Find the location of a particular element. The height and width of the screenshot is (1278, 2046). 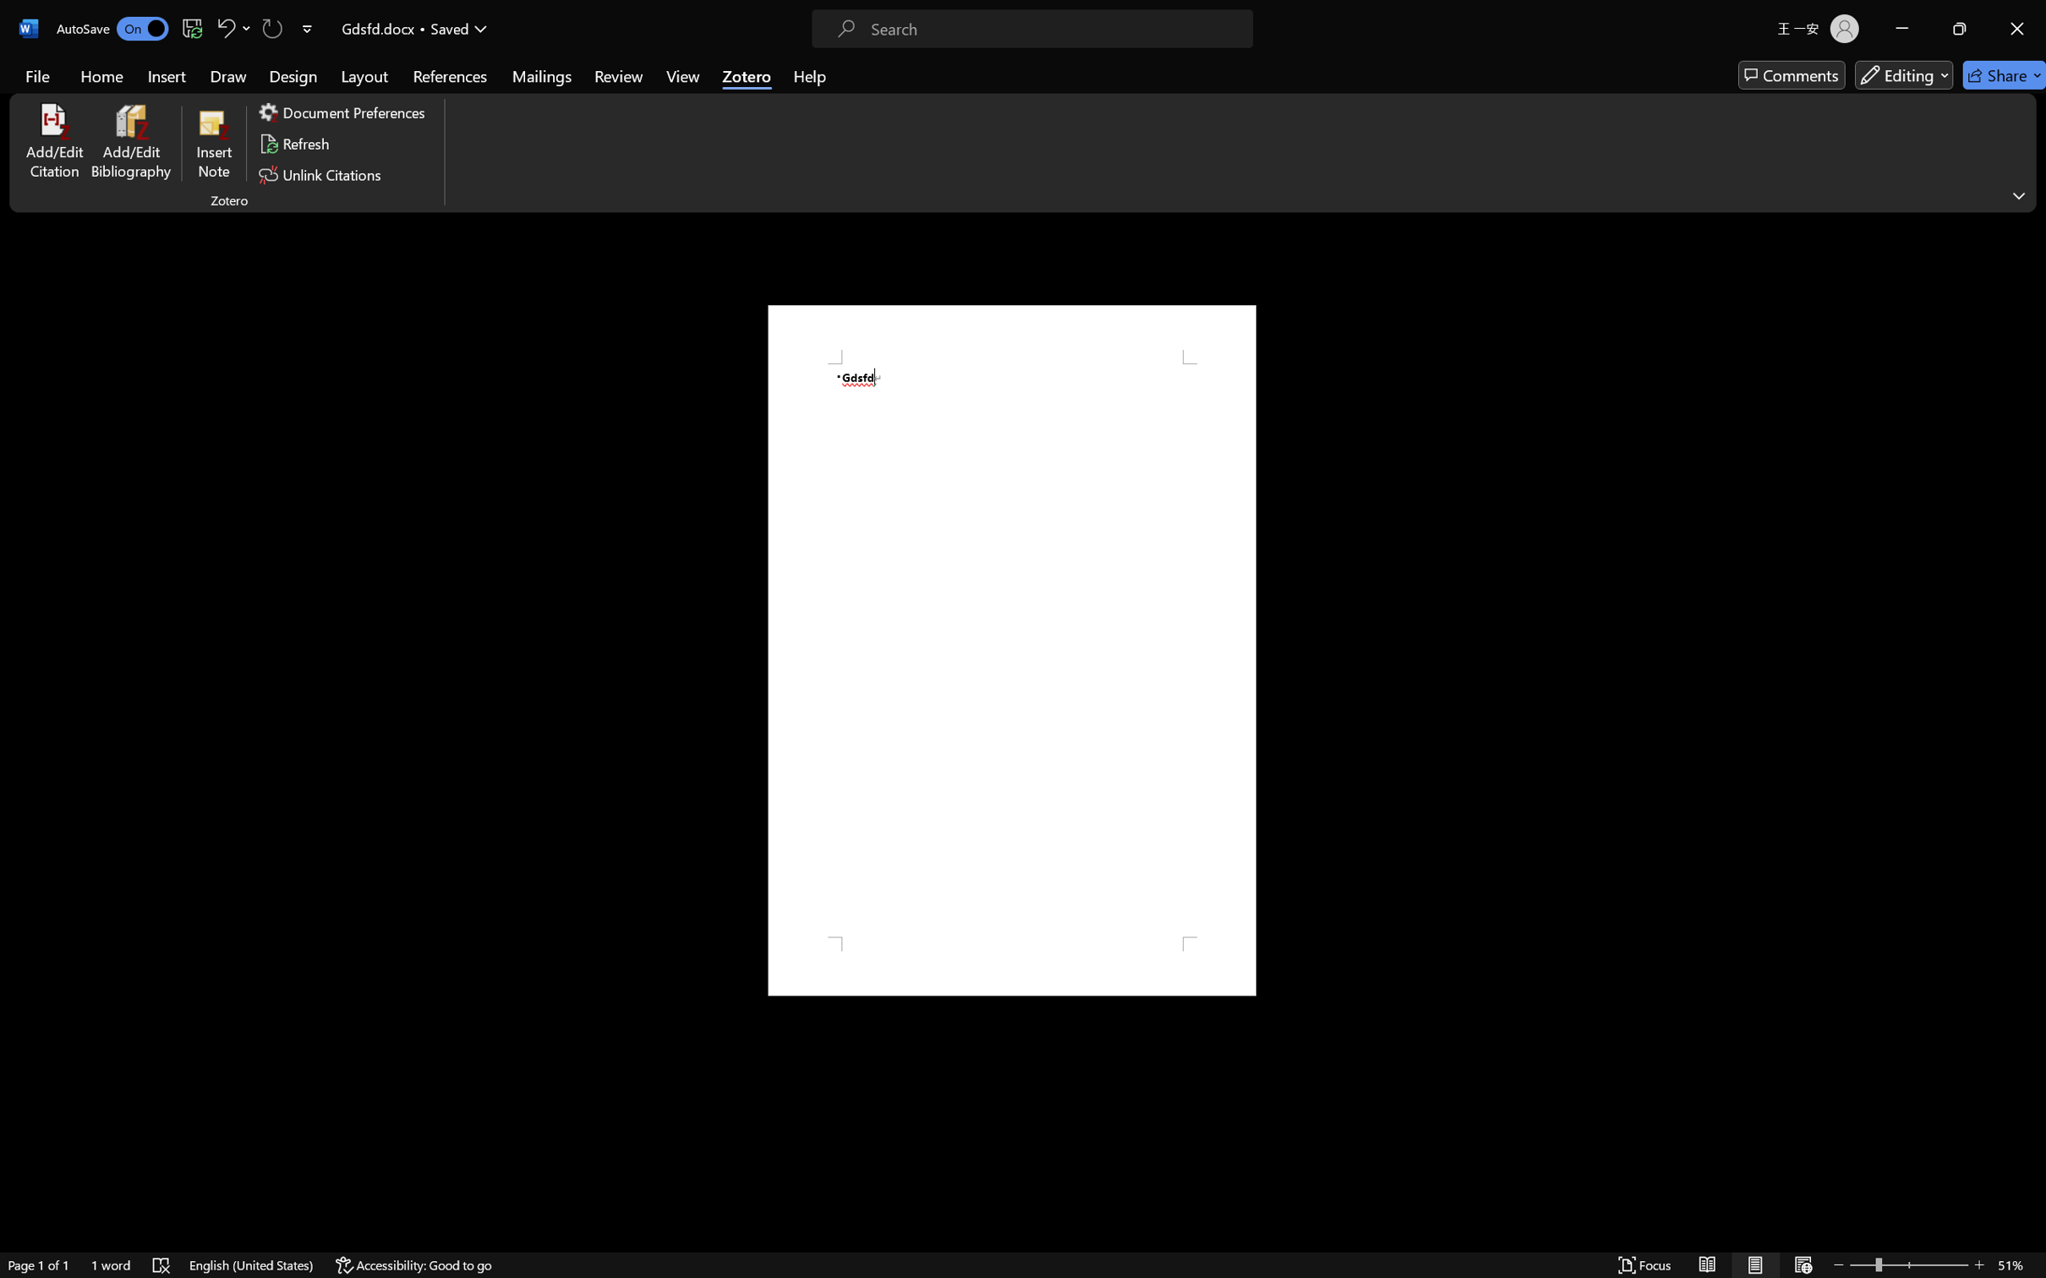

'Page 1 content' is located at coordinates (1011, 650).